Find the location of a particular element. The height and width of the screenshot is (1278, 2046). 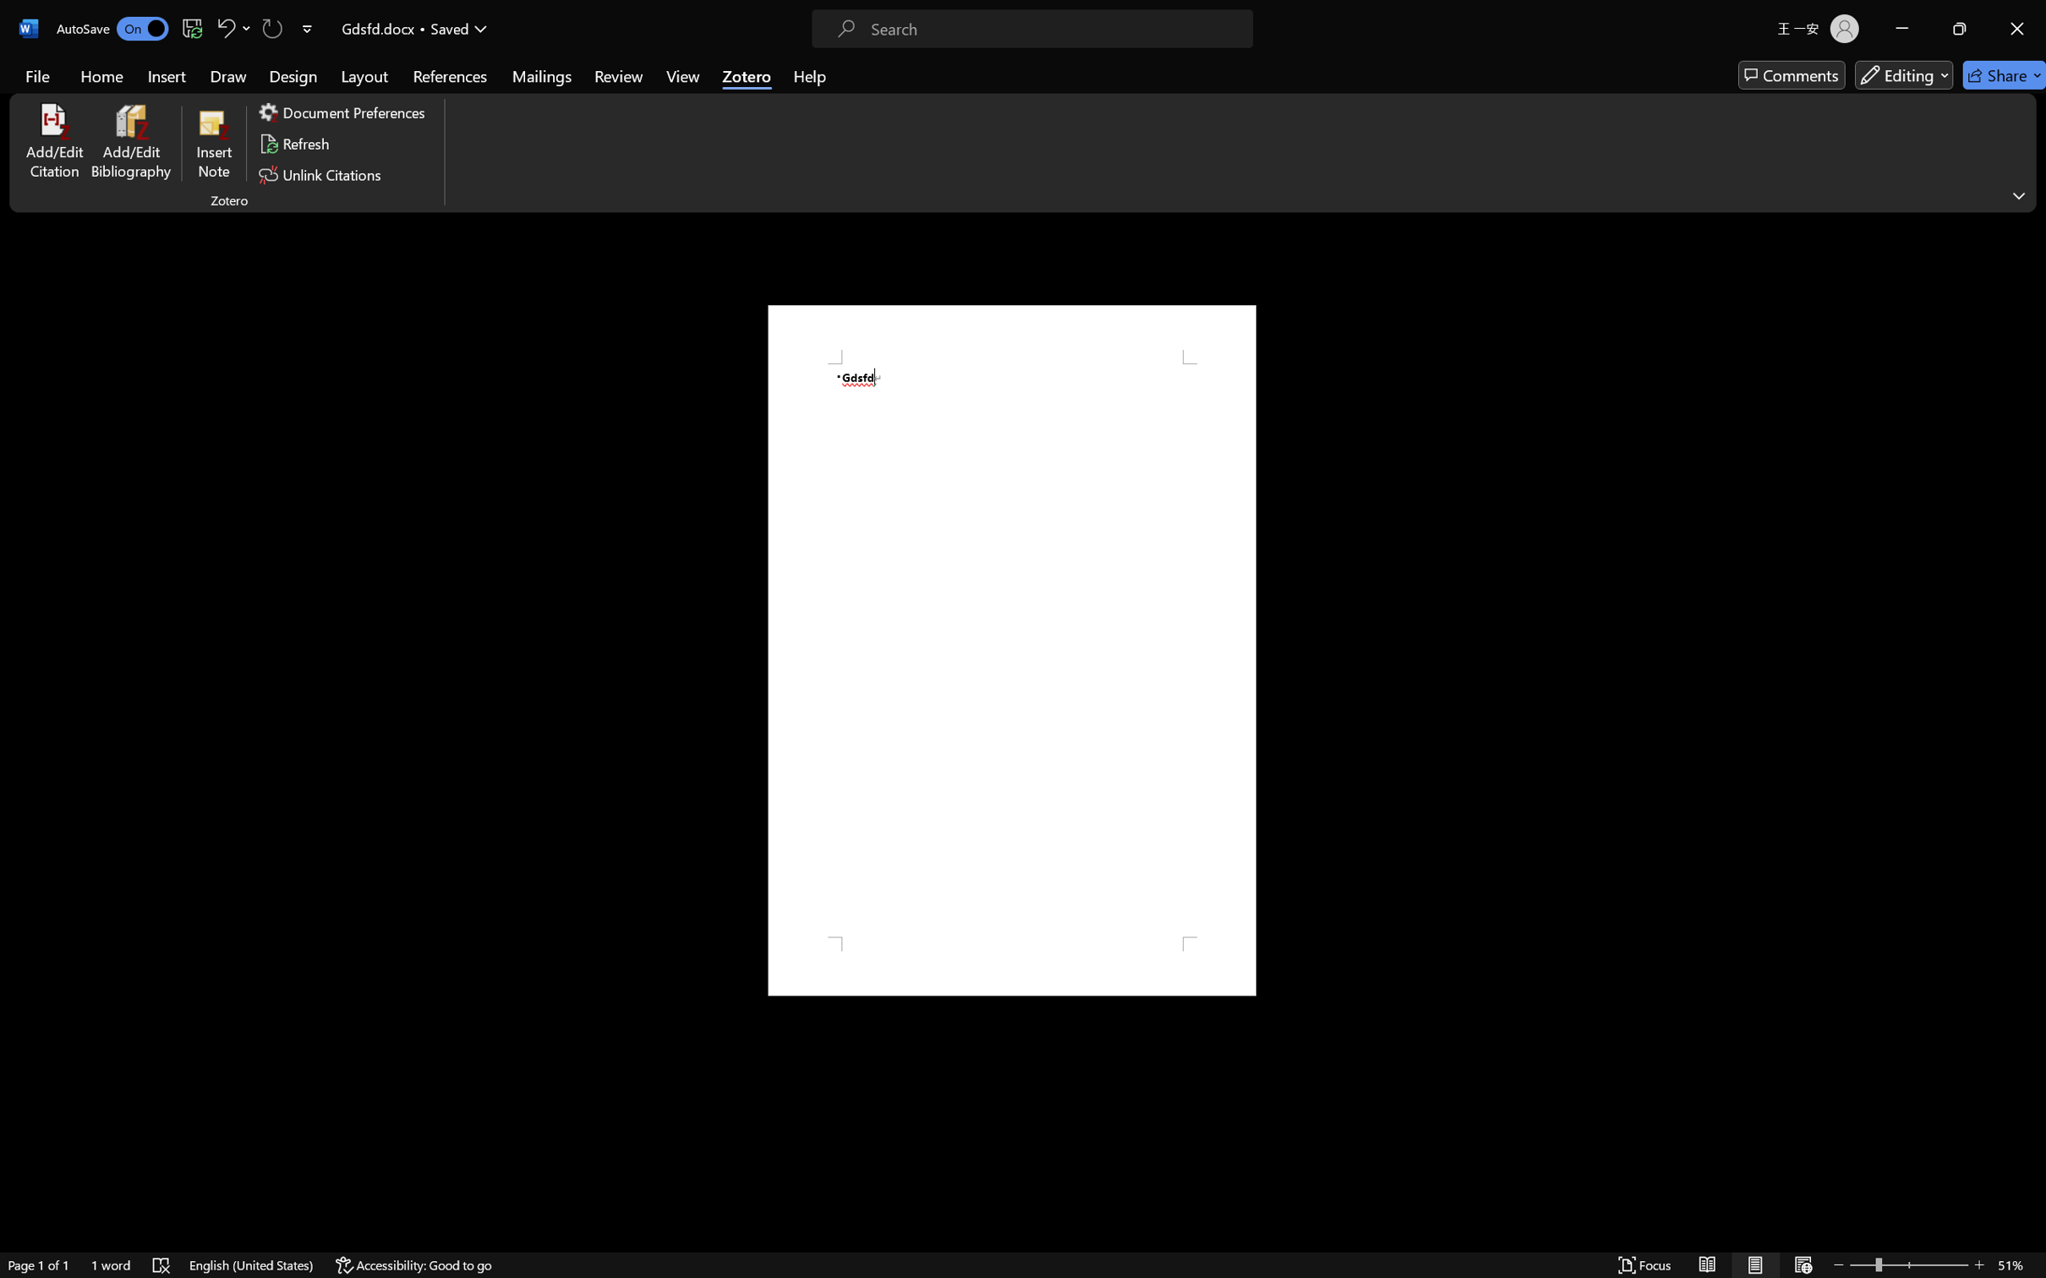

'Page 1 content' is located at coordinates (1011, 650).